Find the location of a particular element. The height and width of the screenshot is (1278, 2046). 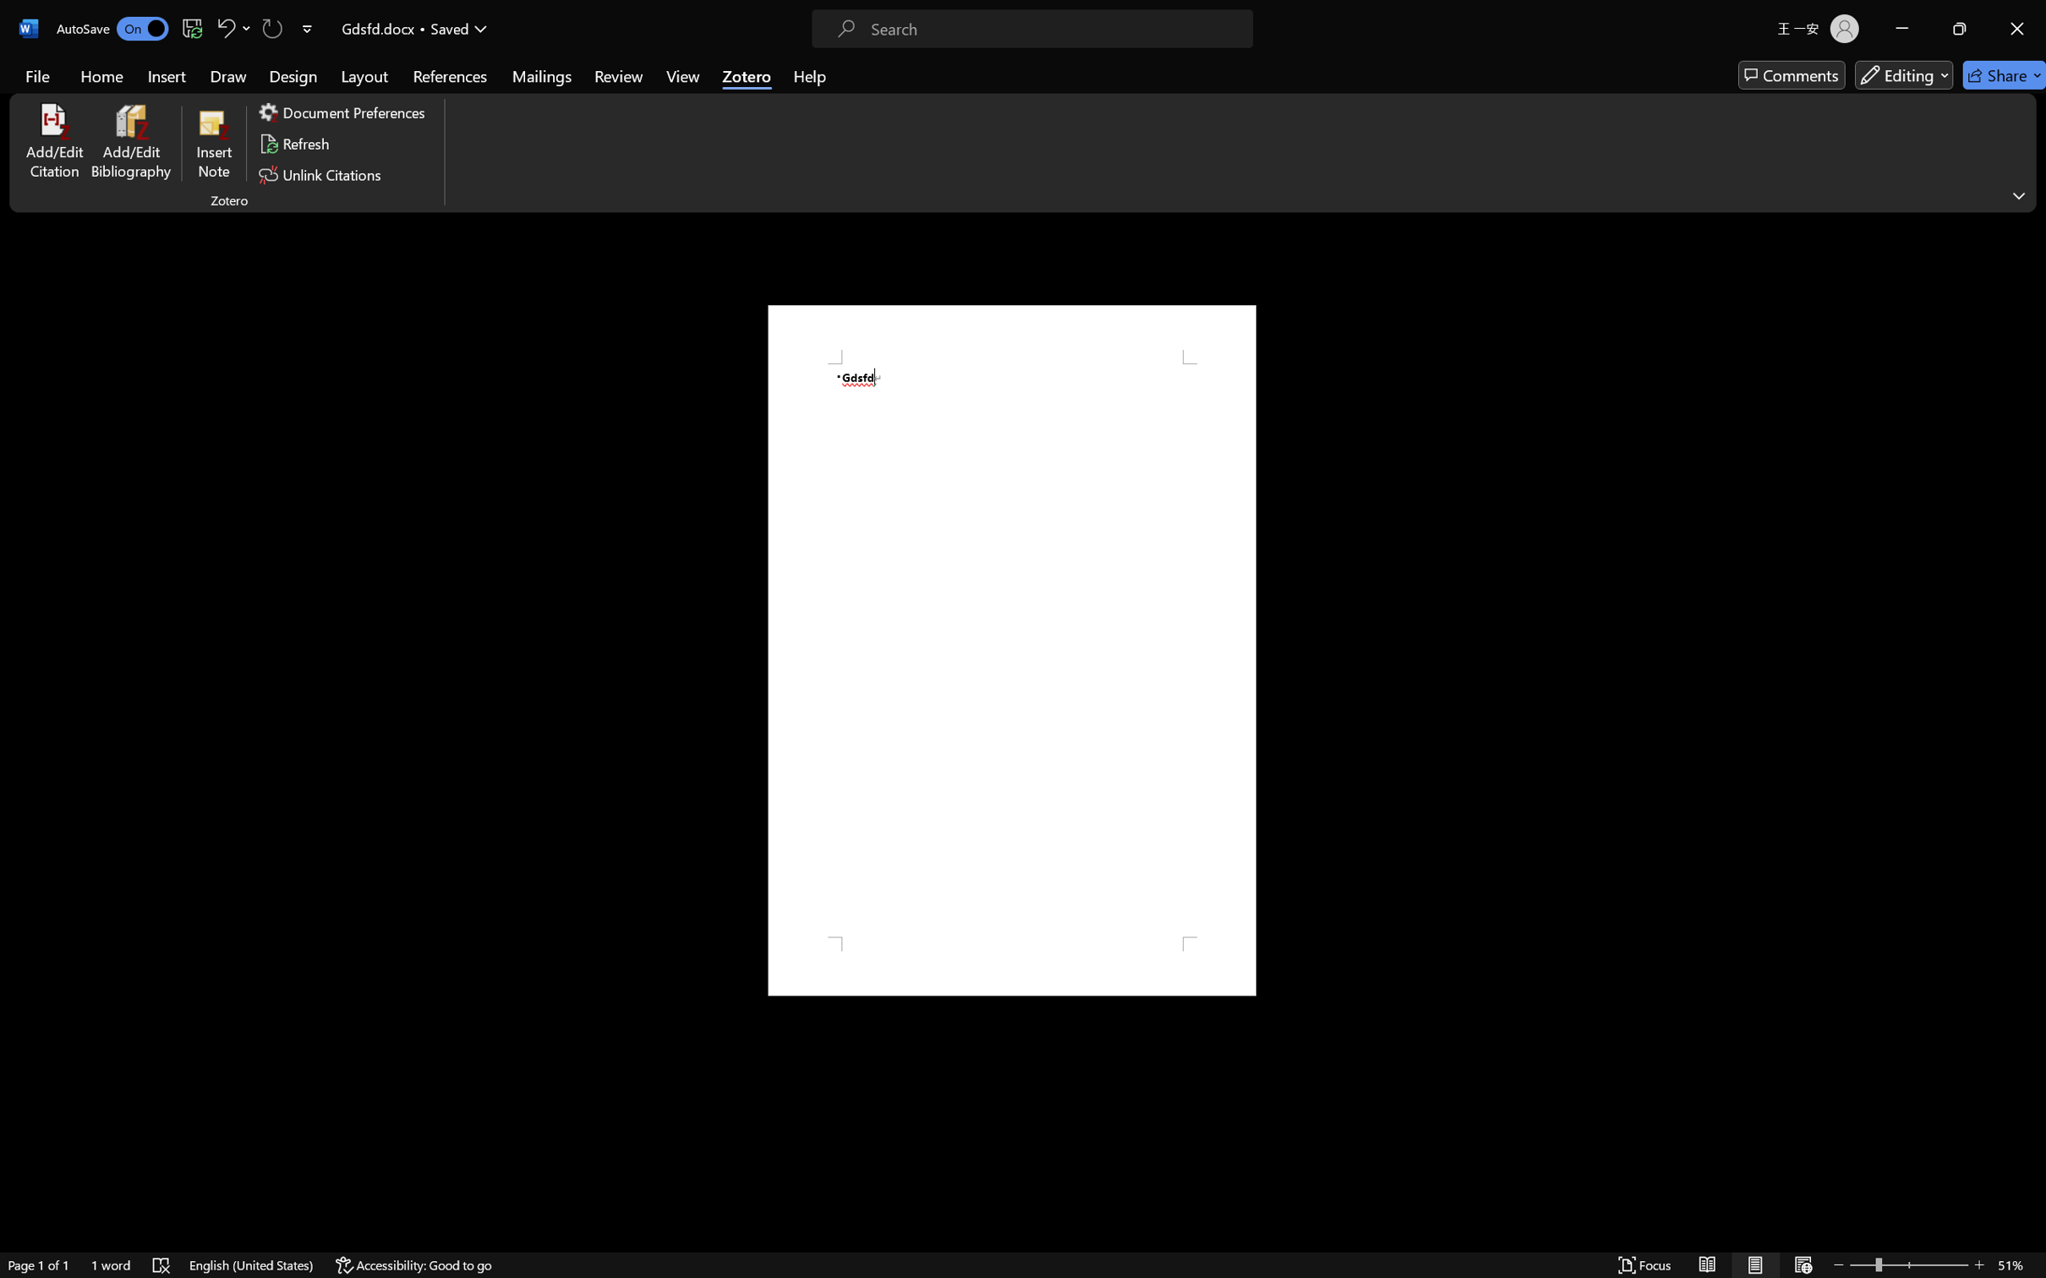

'Page 1 content' is located at coordinates (1011, 650).